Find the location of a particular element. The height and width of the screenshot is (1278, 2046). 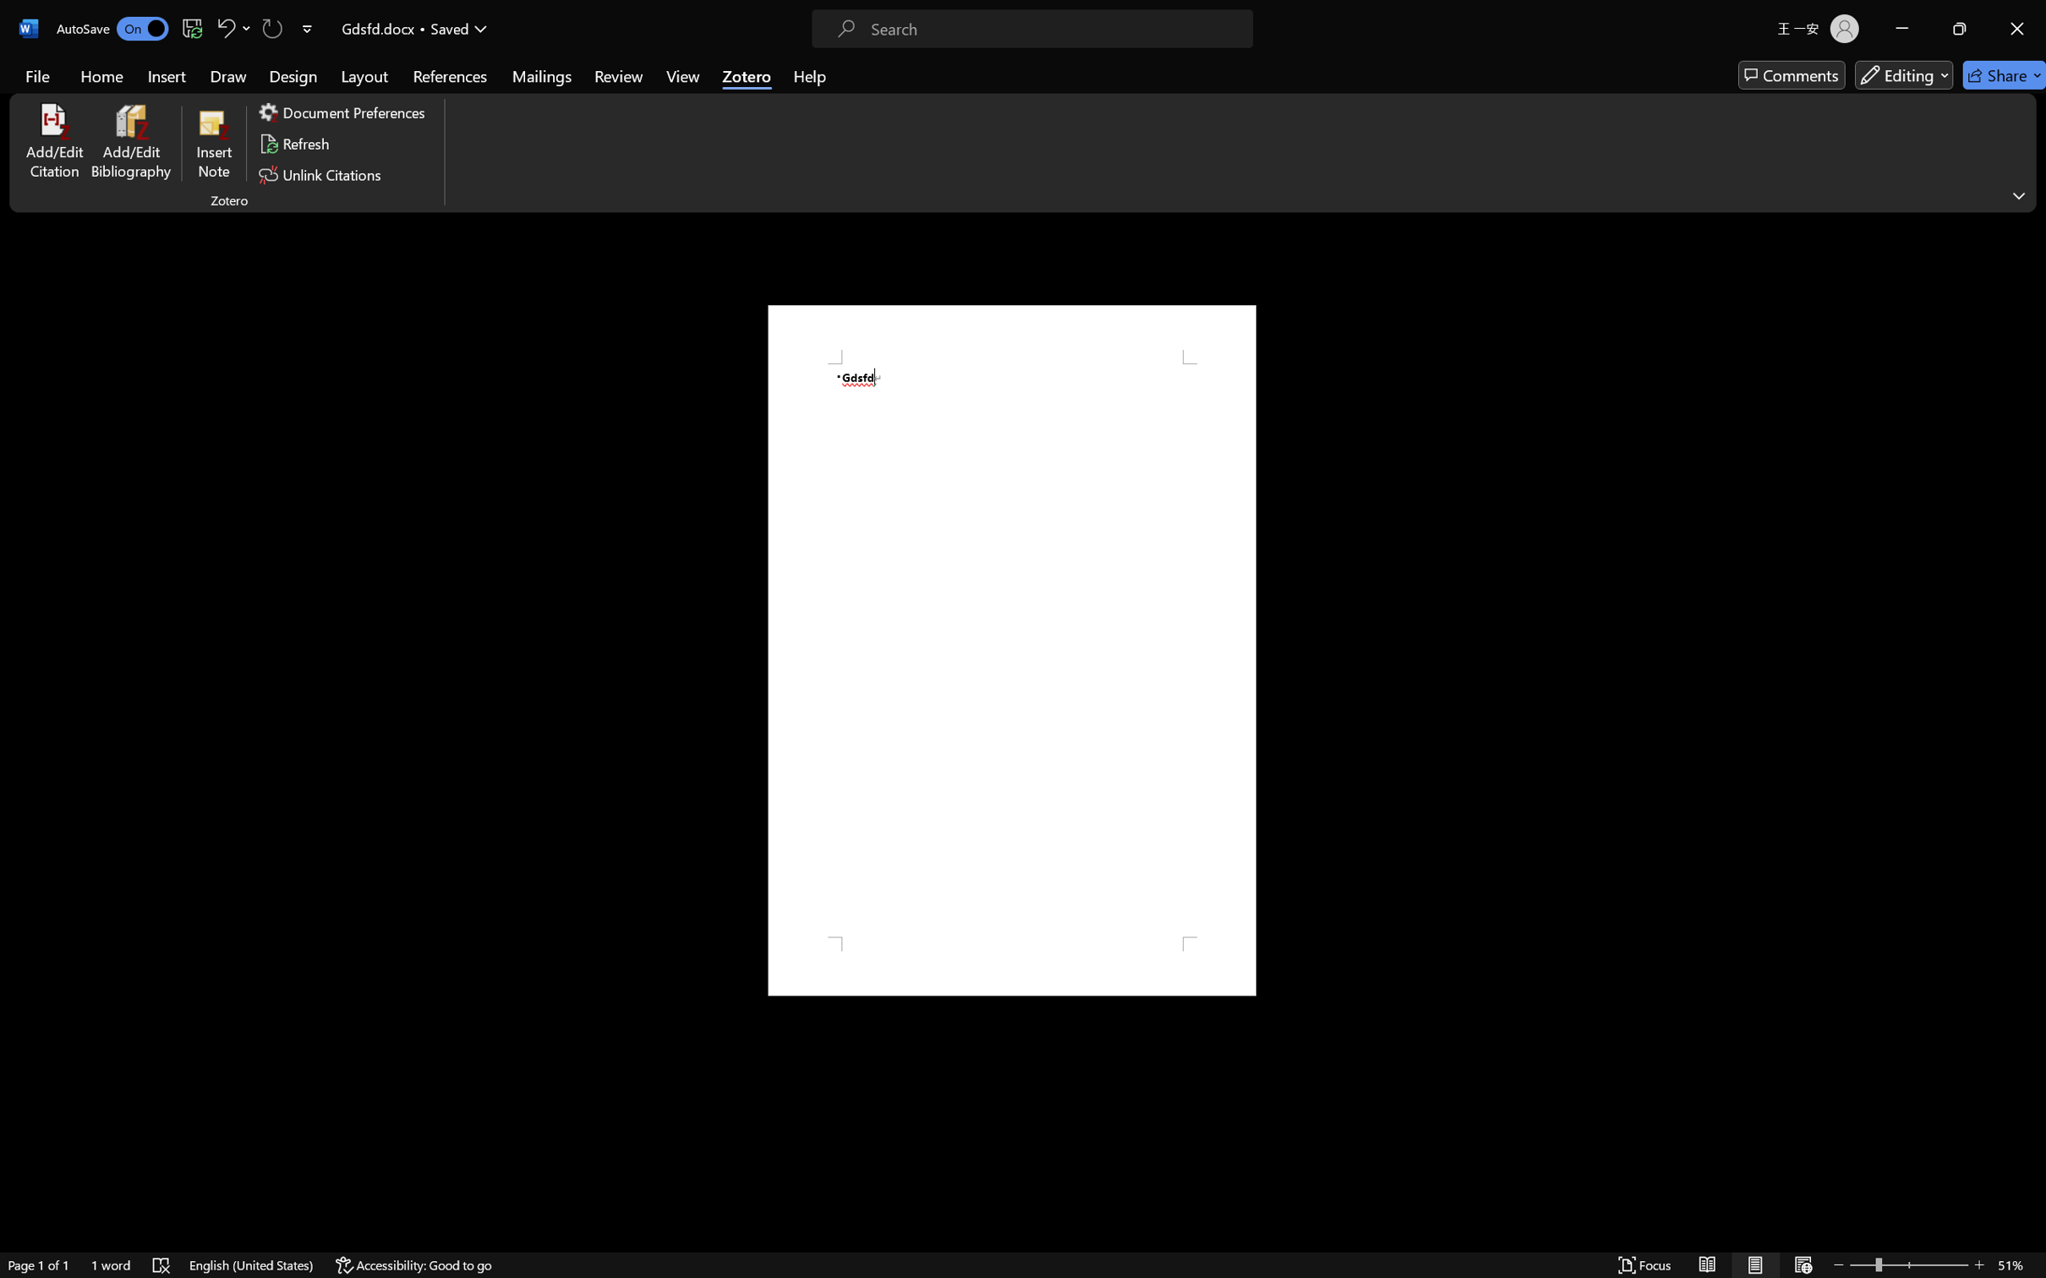

'Page 1 content' is located at coordinates (1011, 650).